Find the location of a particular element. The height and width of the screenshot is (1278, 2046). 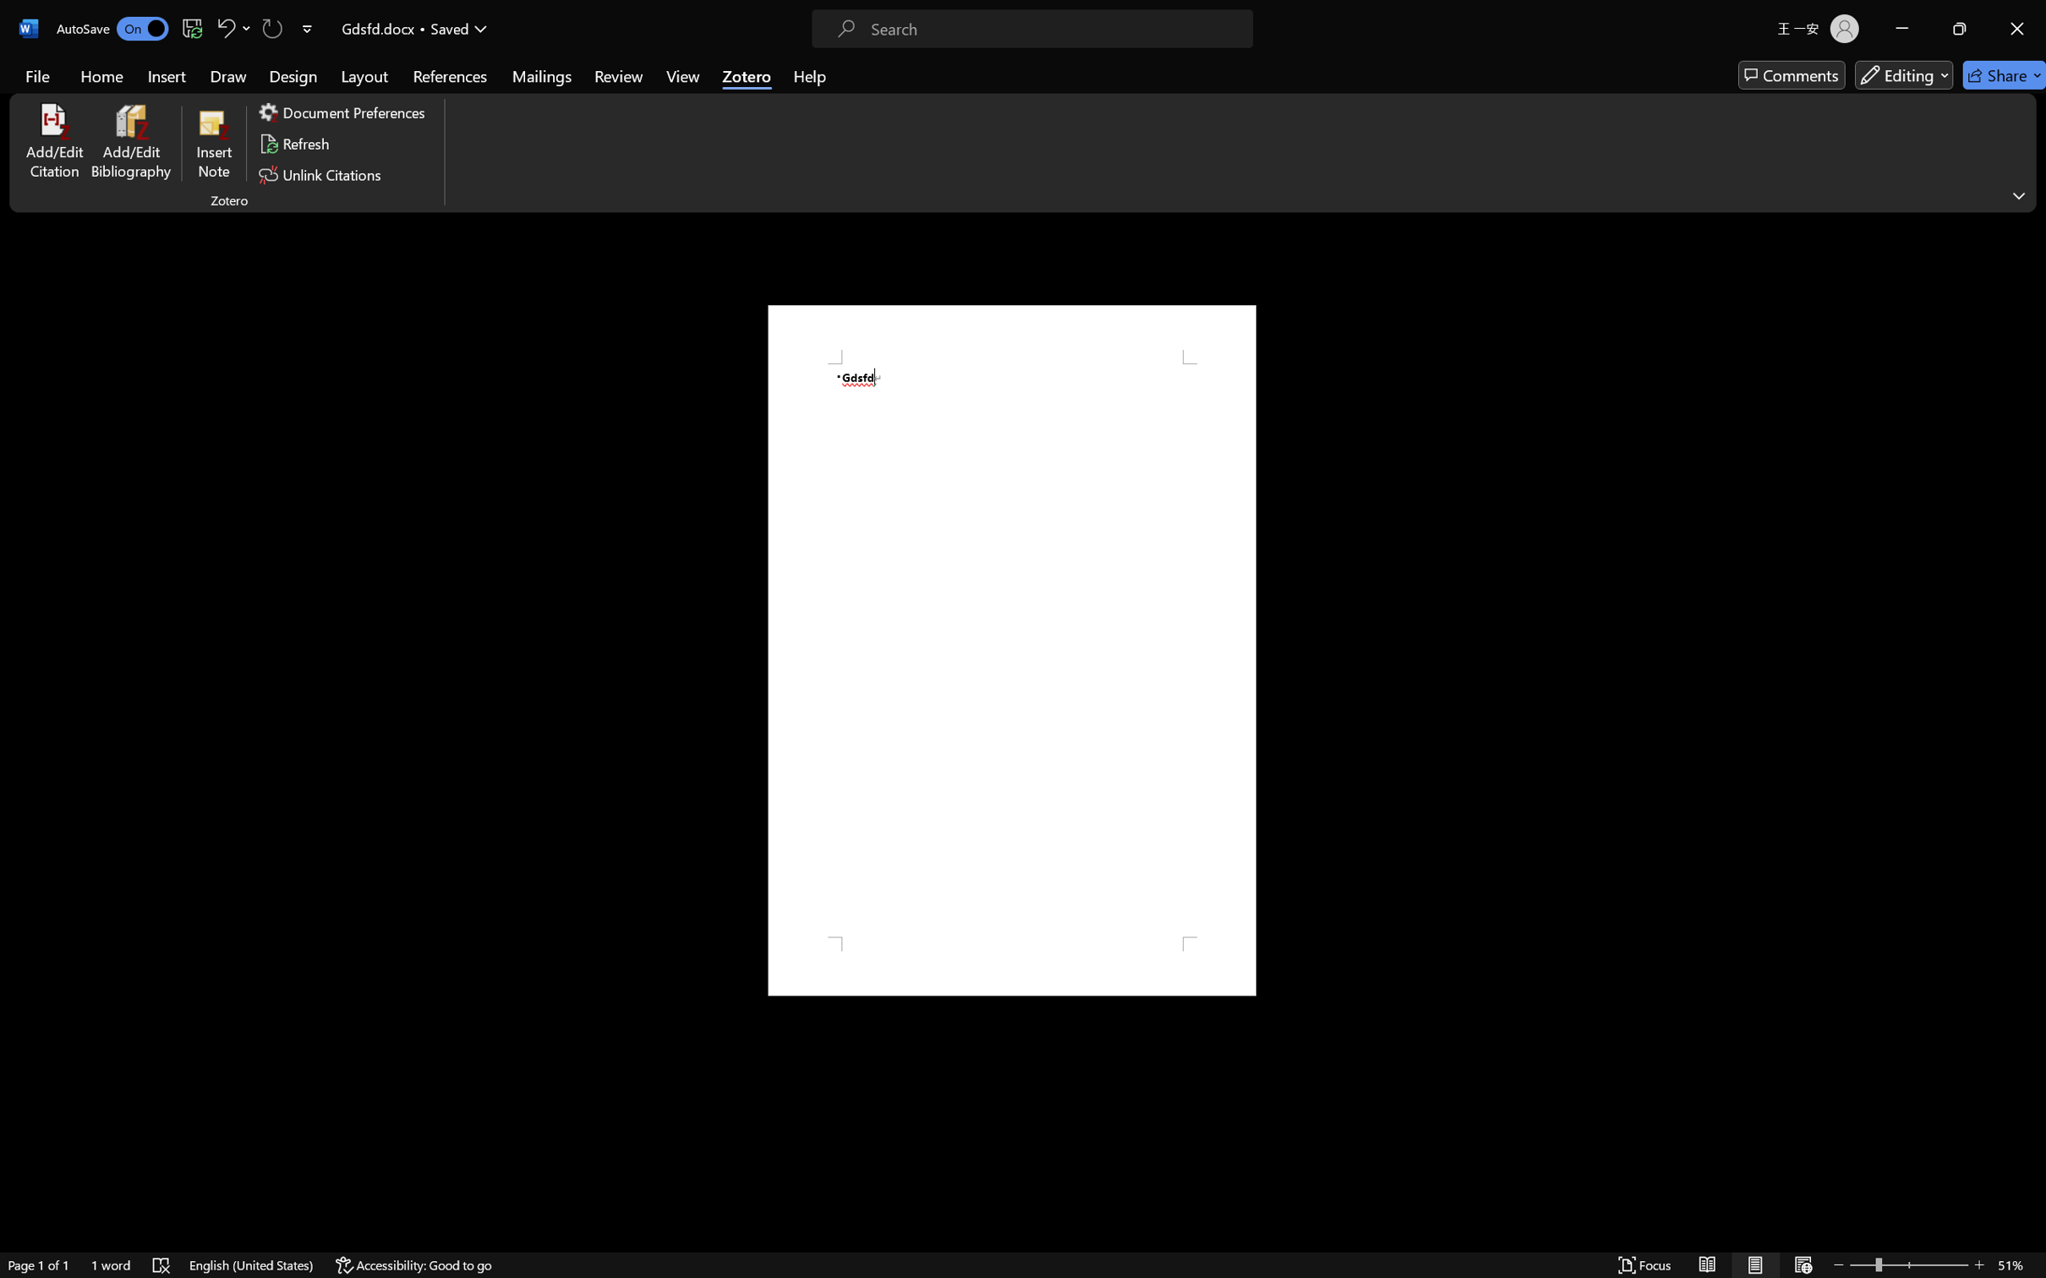

'Page 1 content' is located at coordinates (1011, 650).